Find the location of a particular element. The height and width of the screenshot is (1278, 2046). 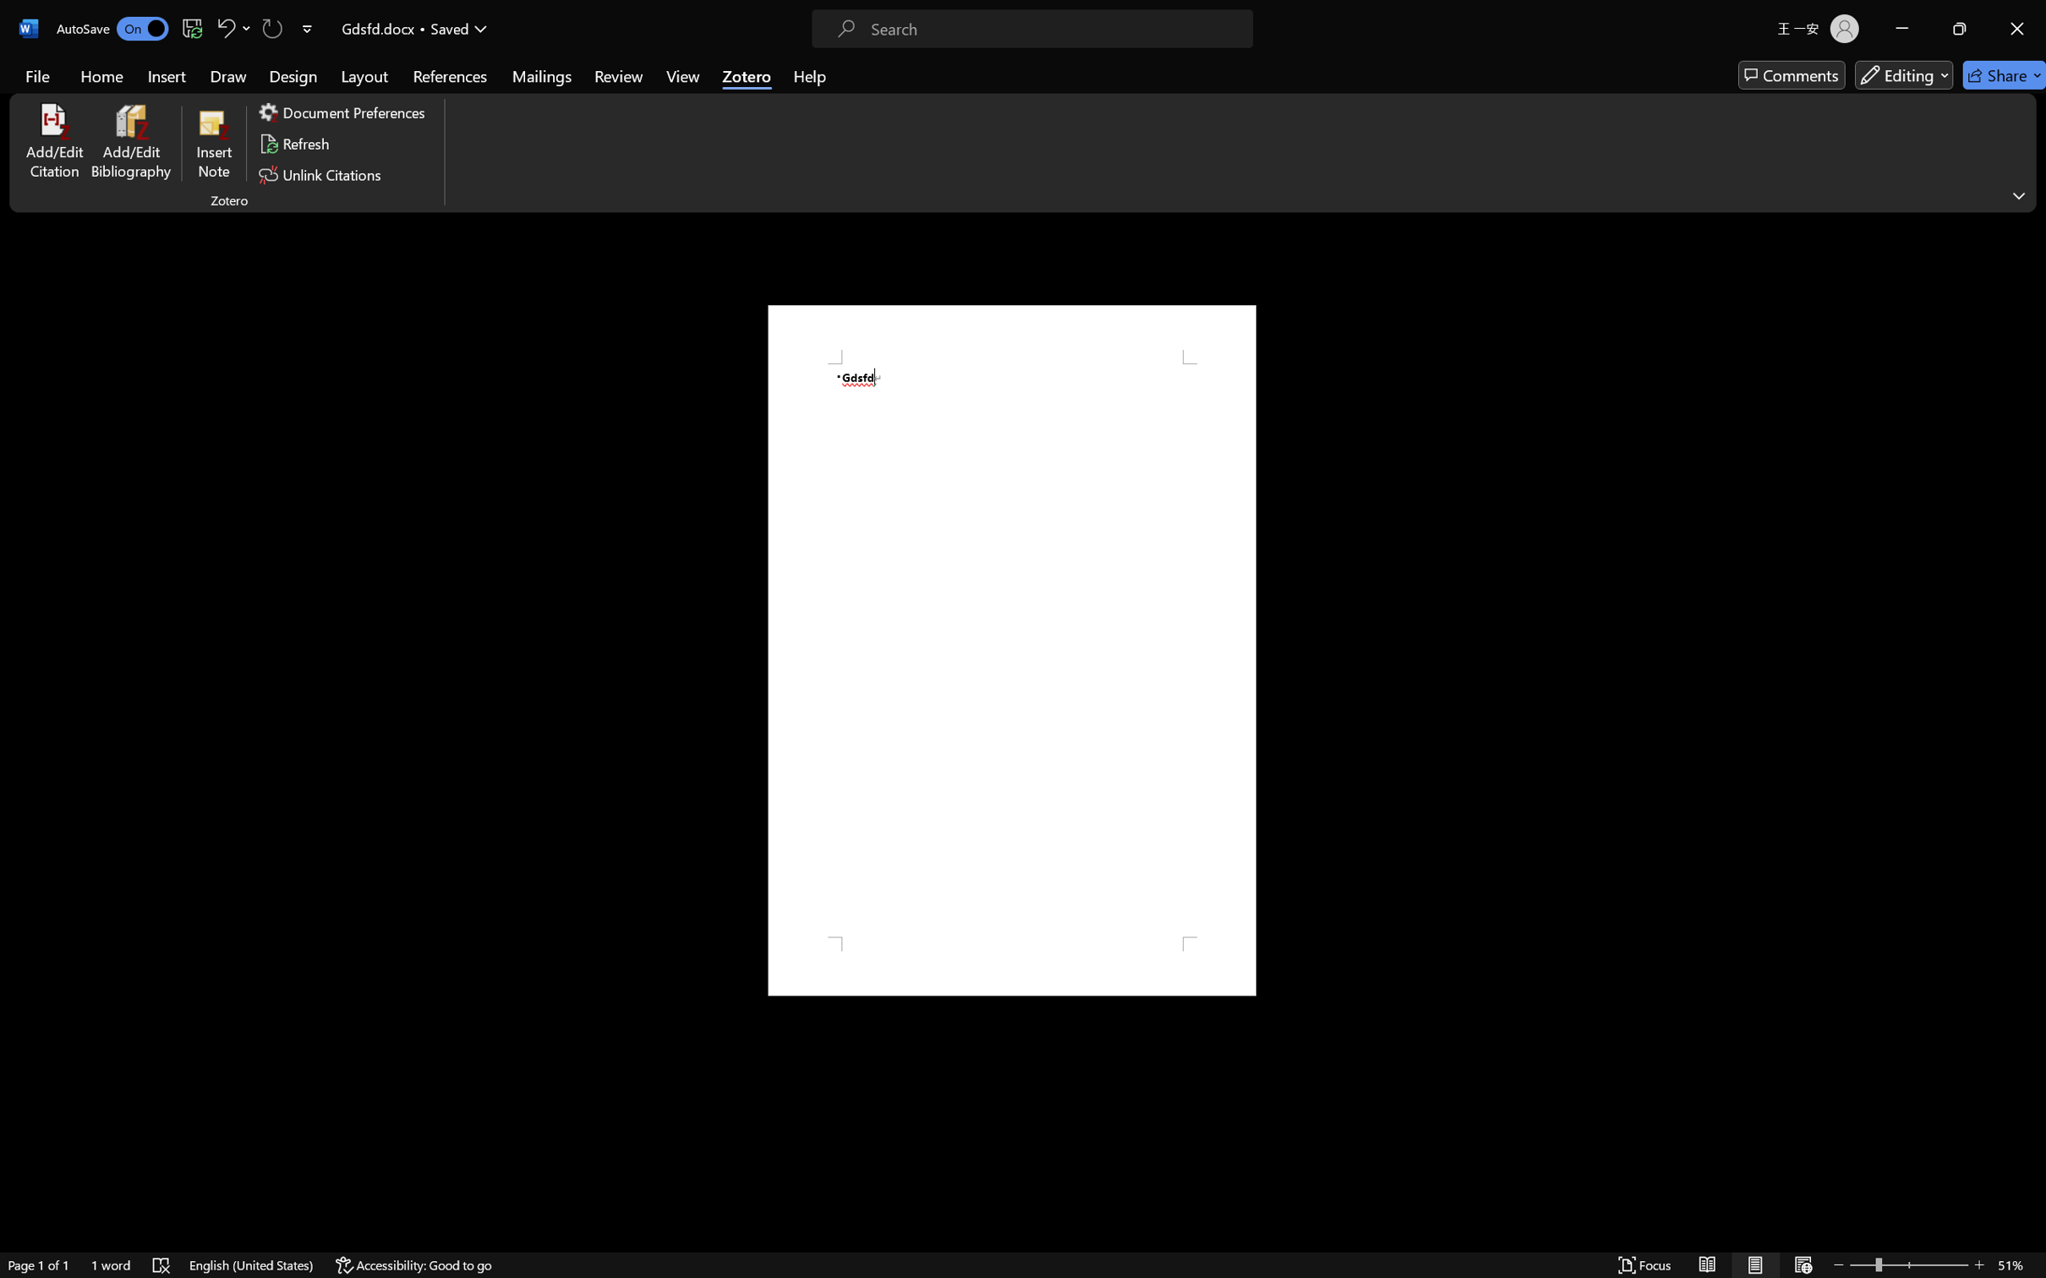

'Page 1 content' is located at coordinates (1011, 650).